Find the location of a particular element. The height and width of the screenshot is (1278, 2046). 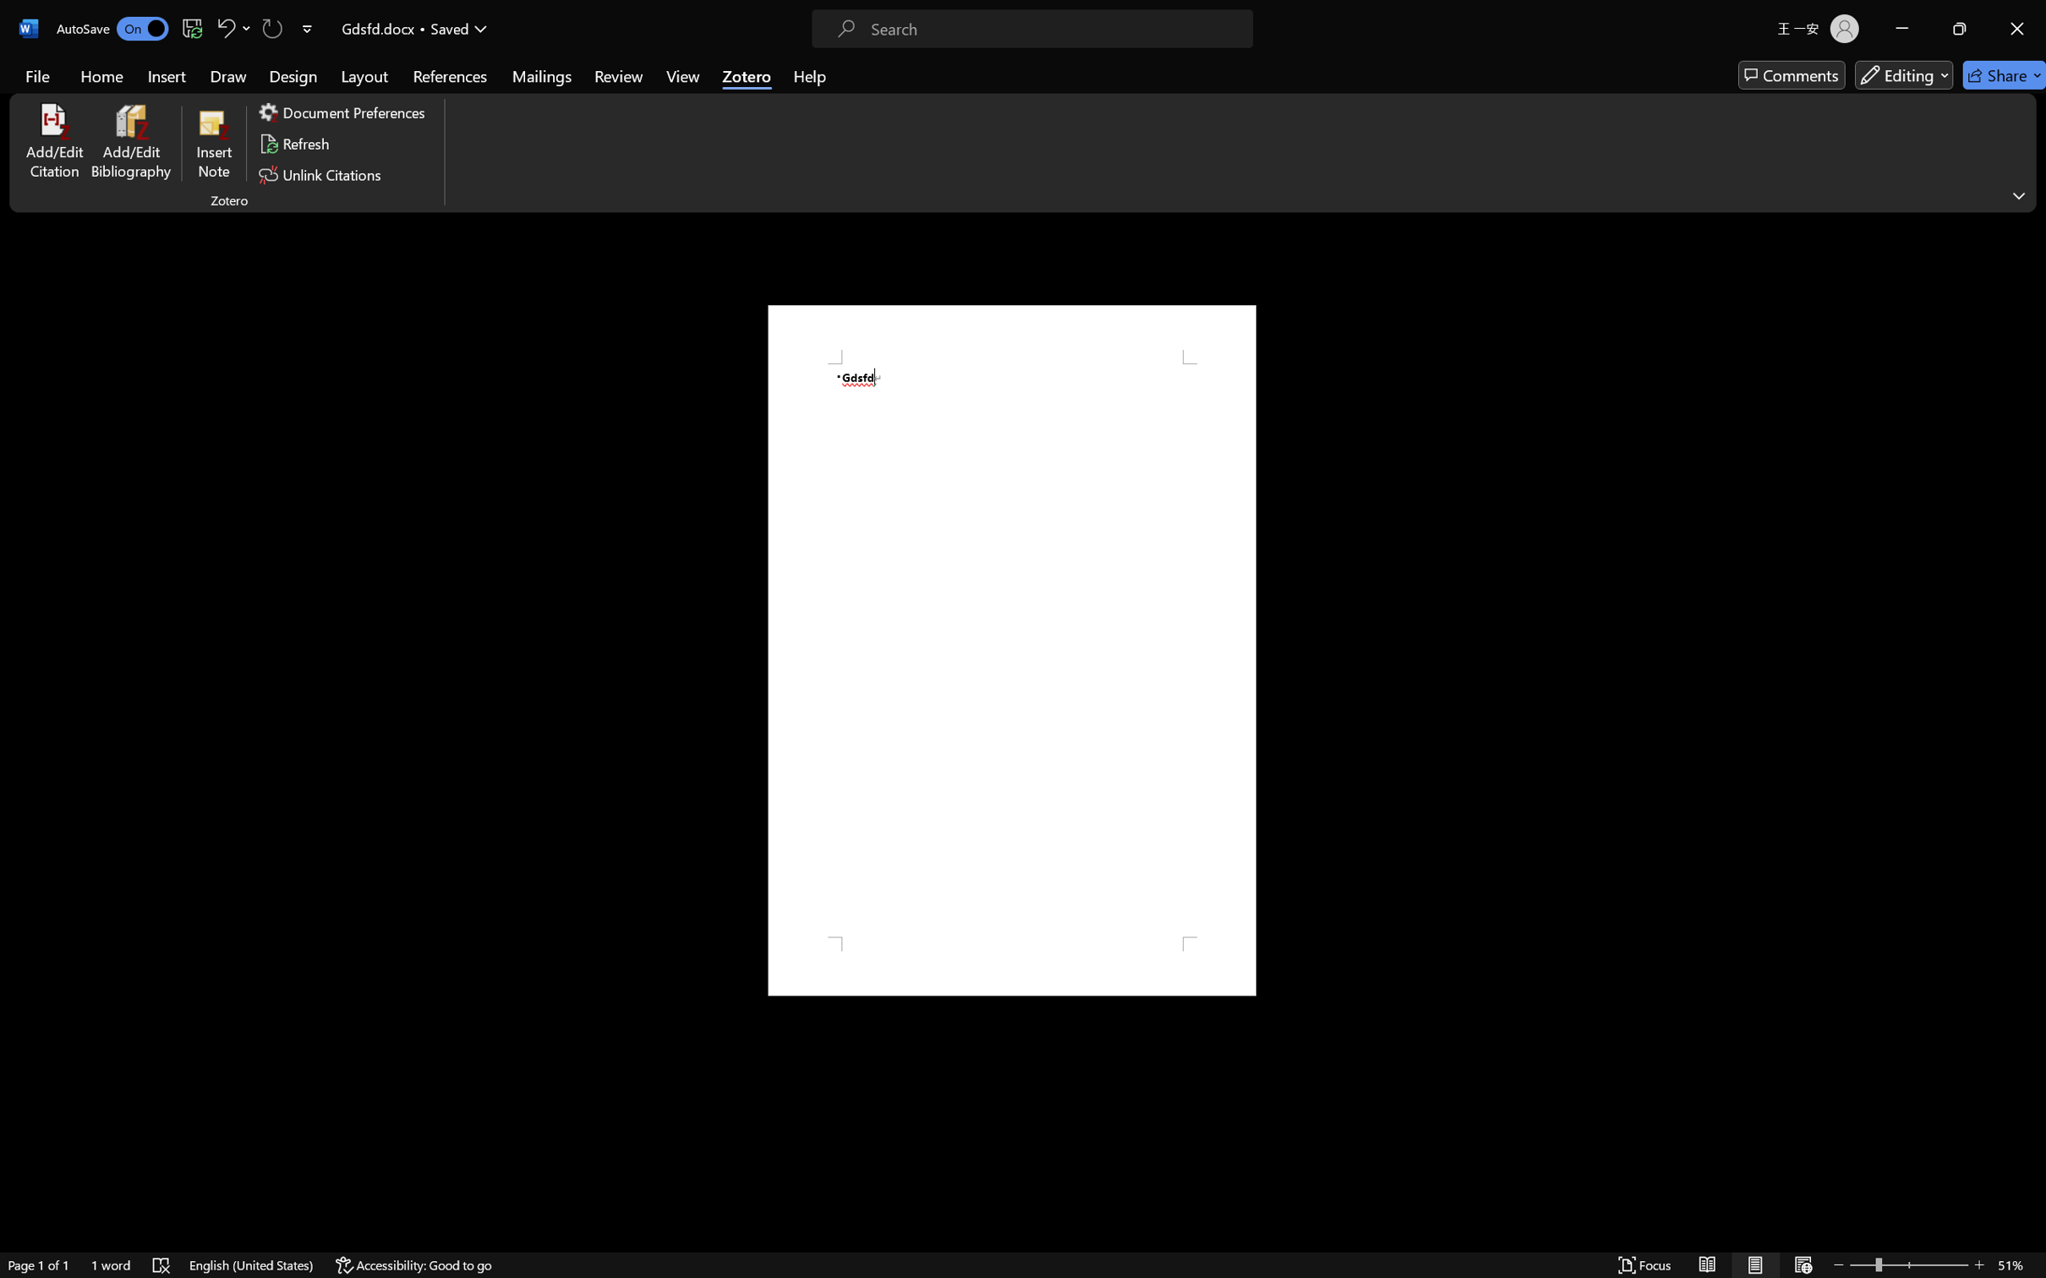

'Page 1 content' is located at coordinates (1011, 650).